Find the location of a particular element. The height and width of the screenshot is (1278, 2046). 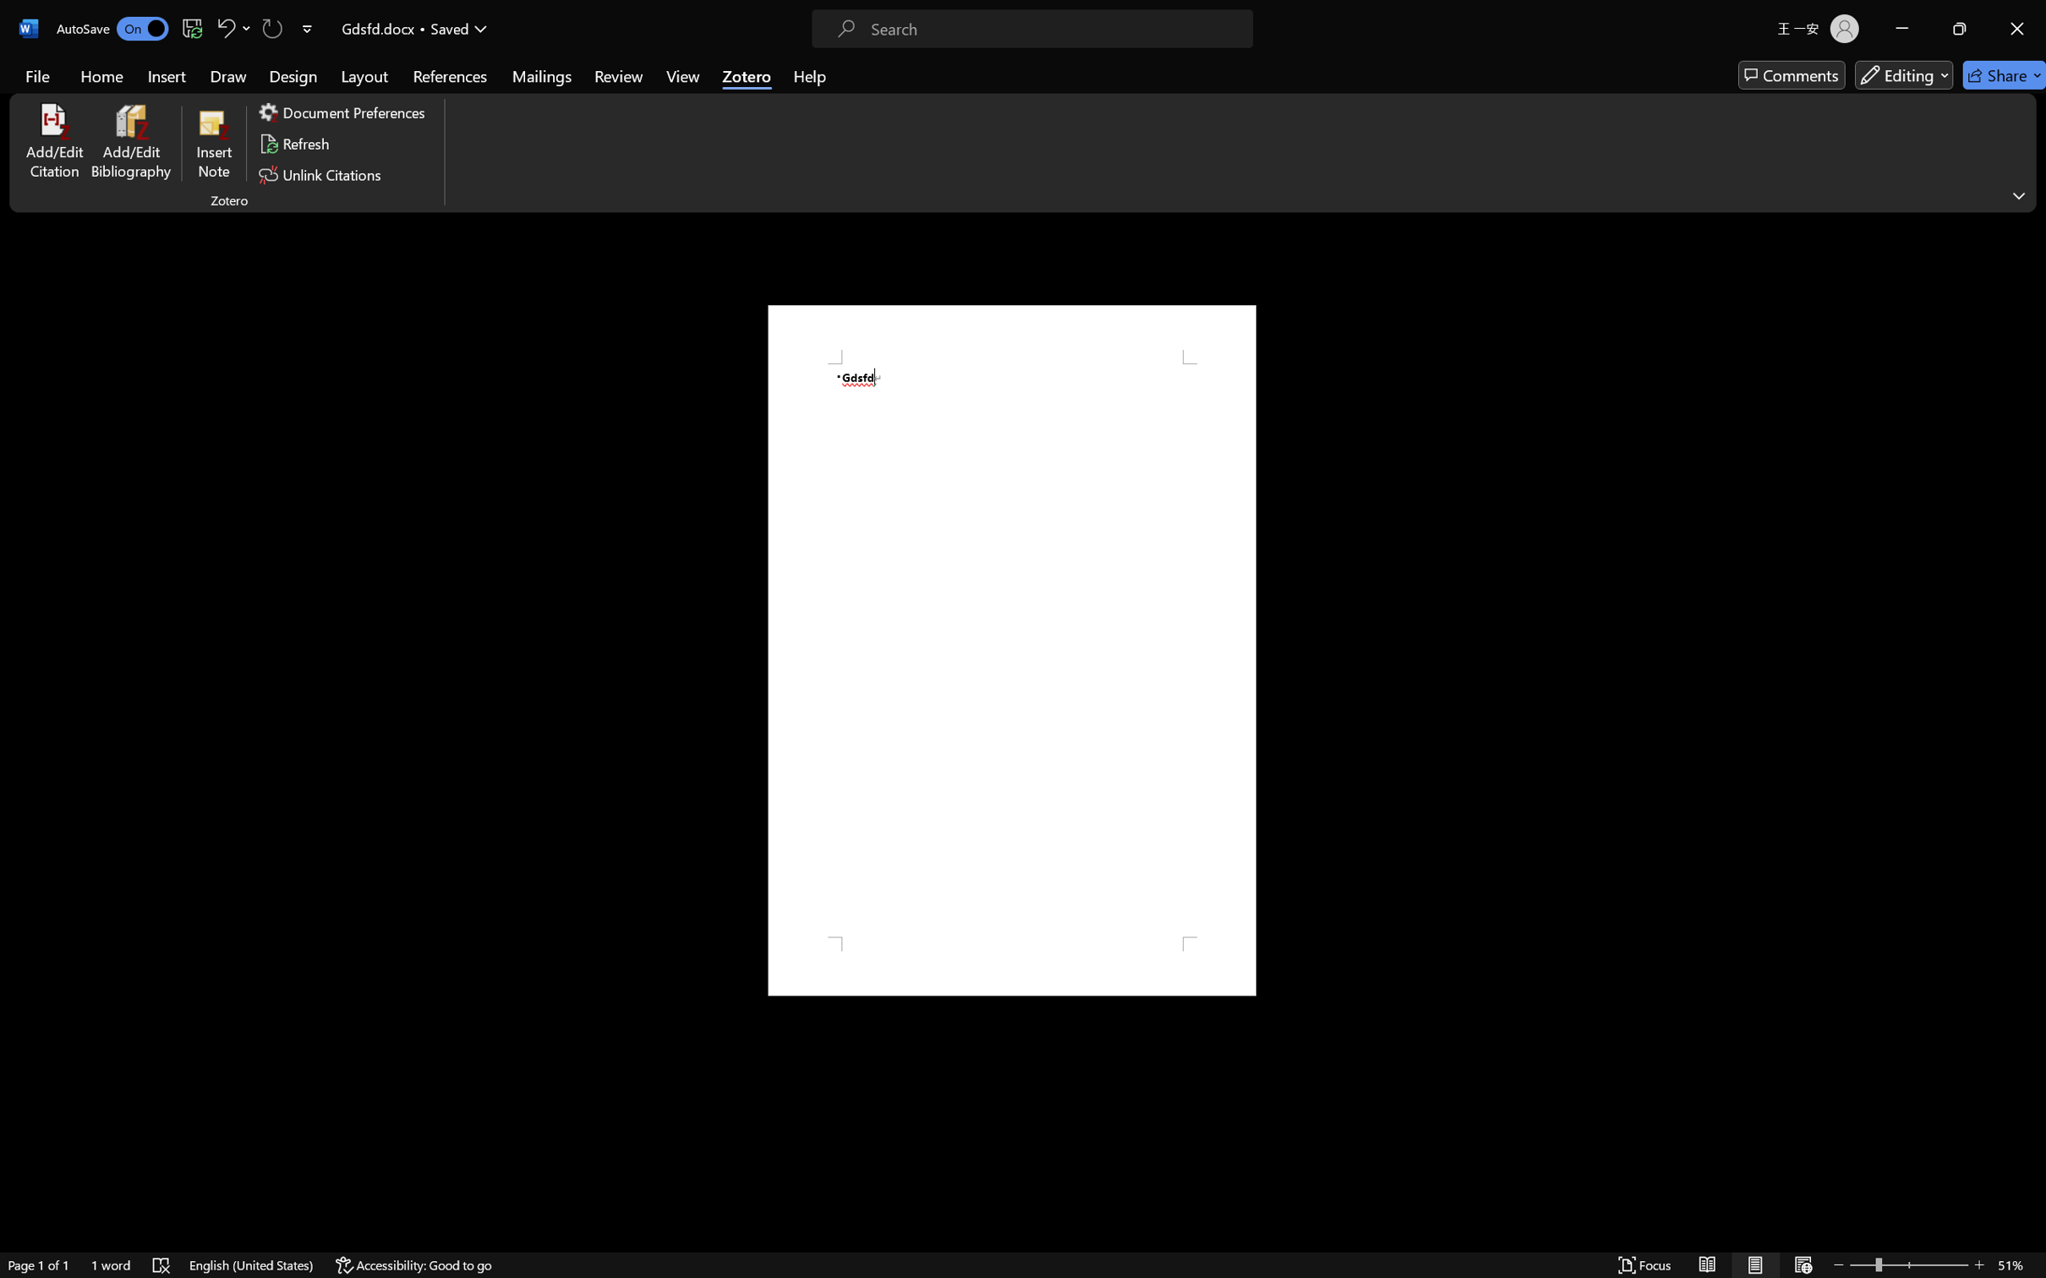

'Page 1 content' is located at coordinates (1011, 650).